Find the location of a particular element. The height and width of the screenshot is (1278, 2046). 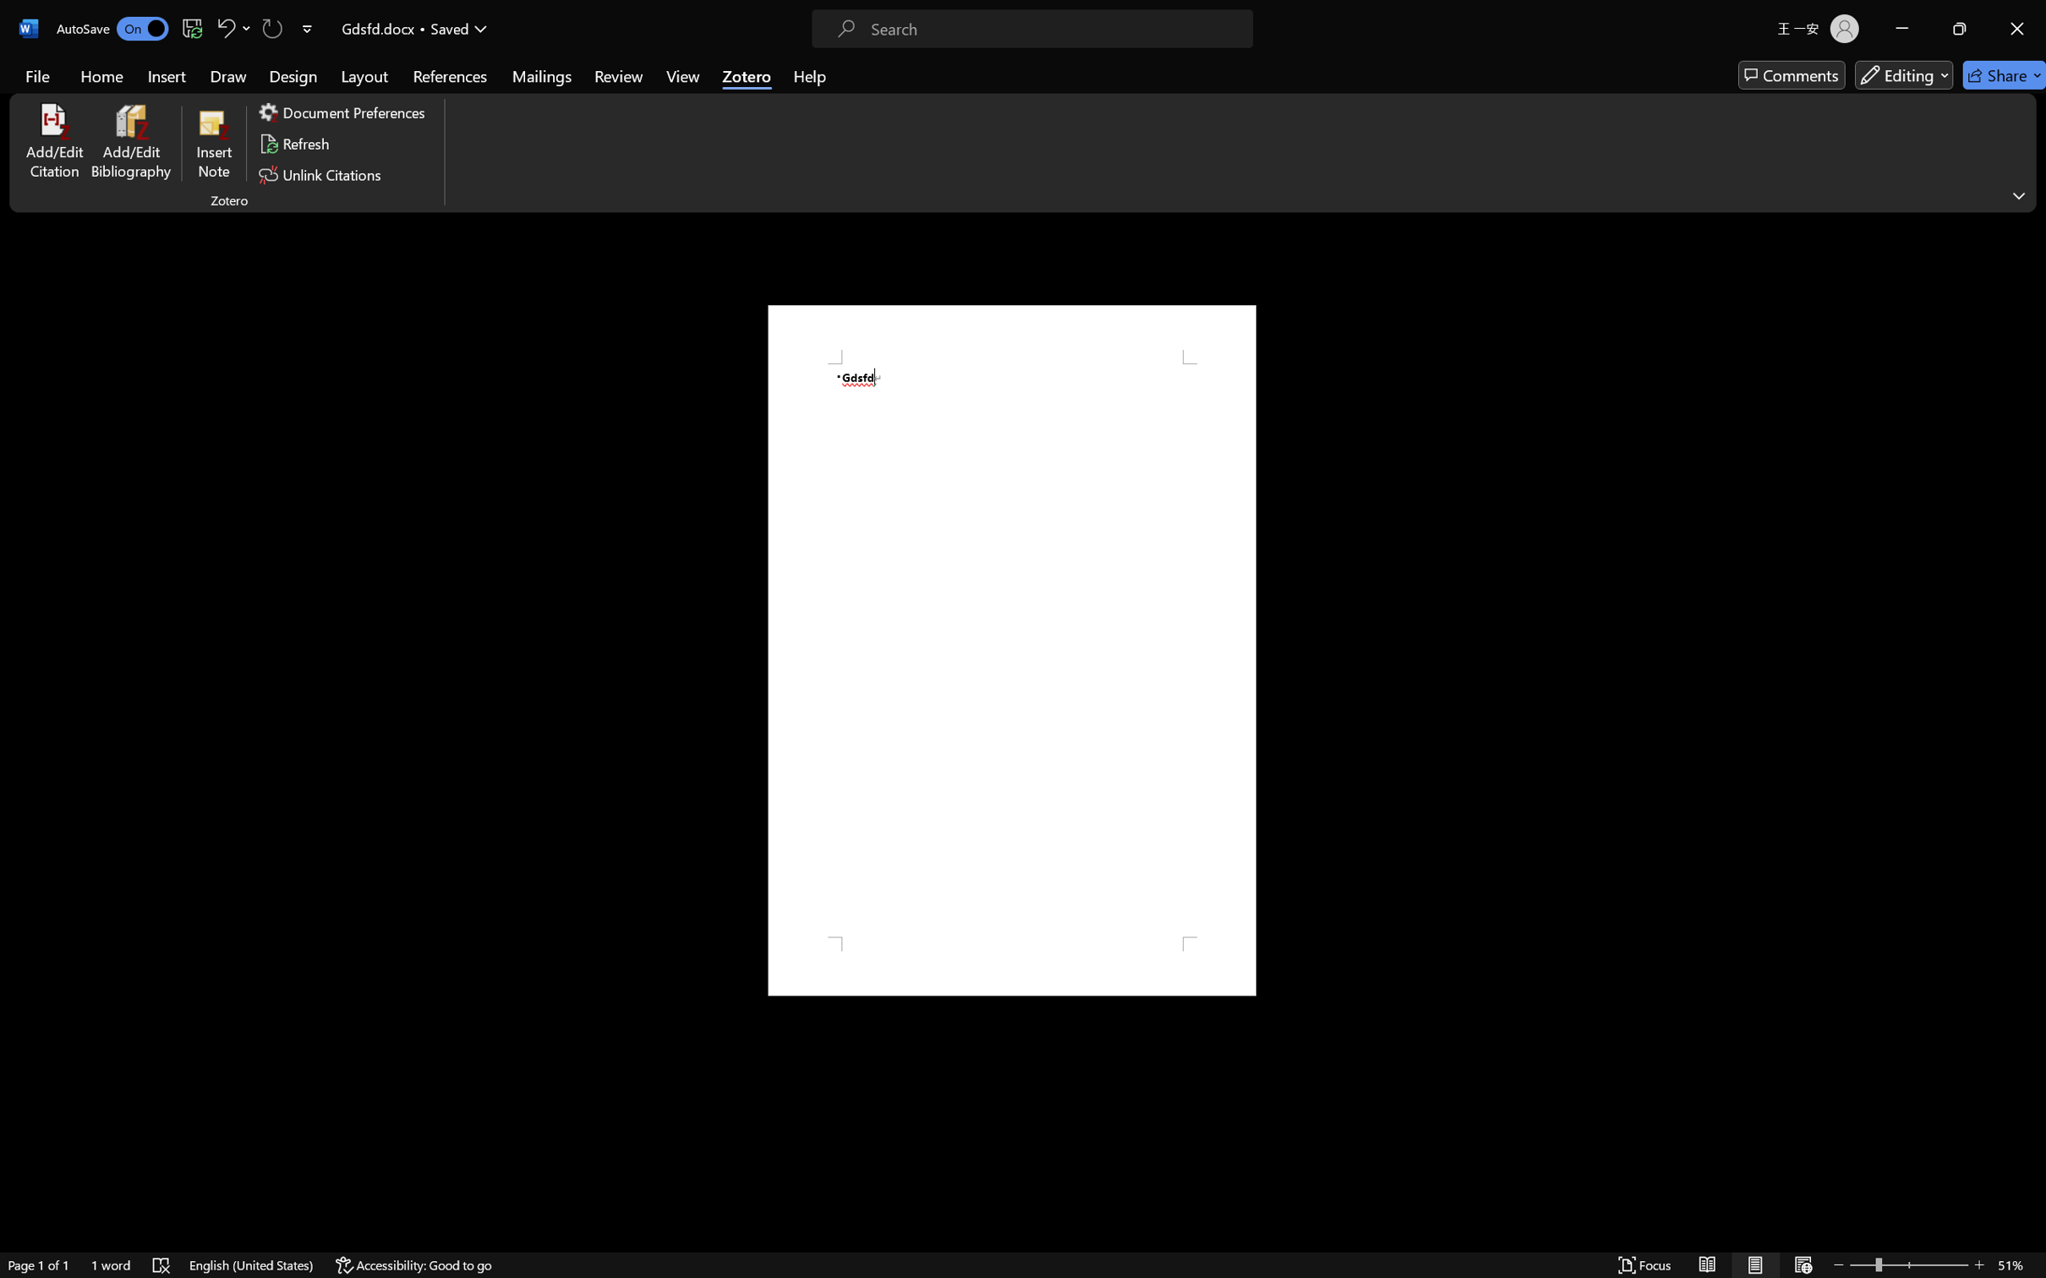

'Page 1 content' is located at coordinates (1011, 650).